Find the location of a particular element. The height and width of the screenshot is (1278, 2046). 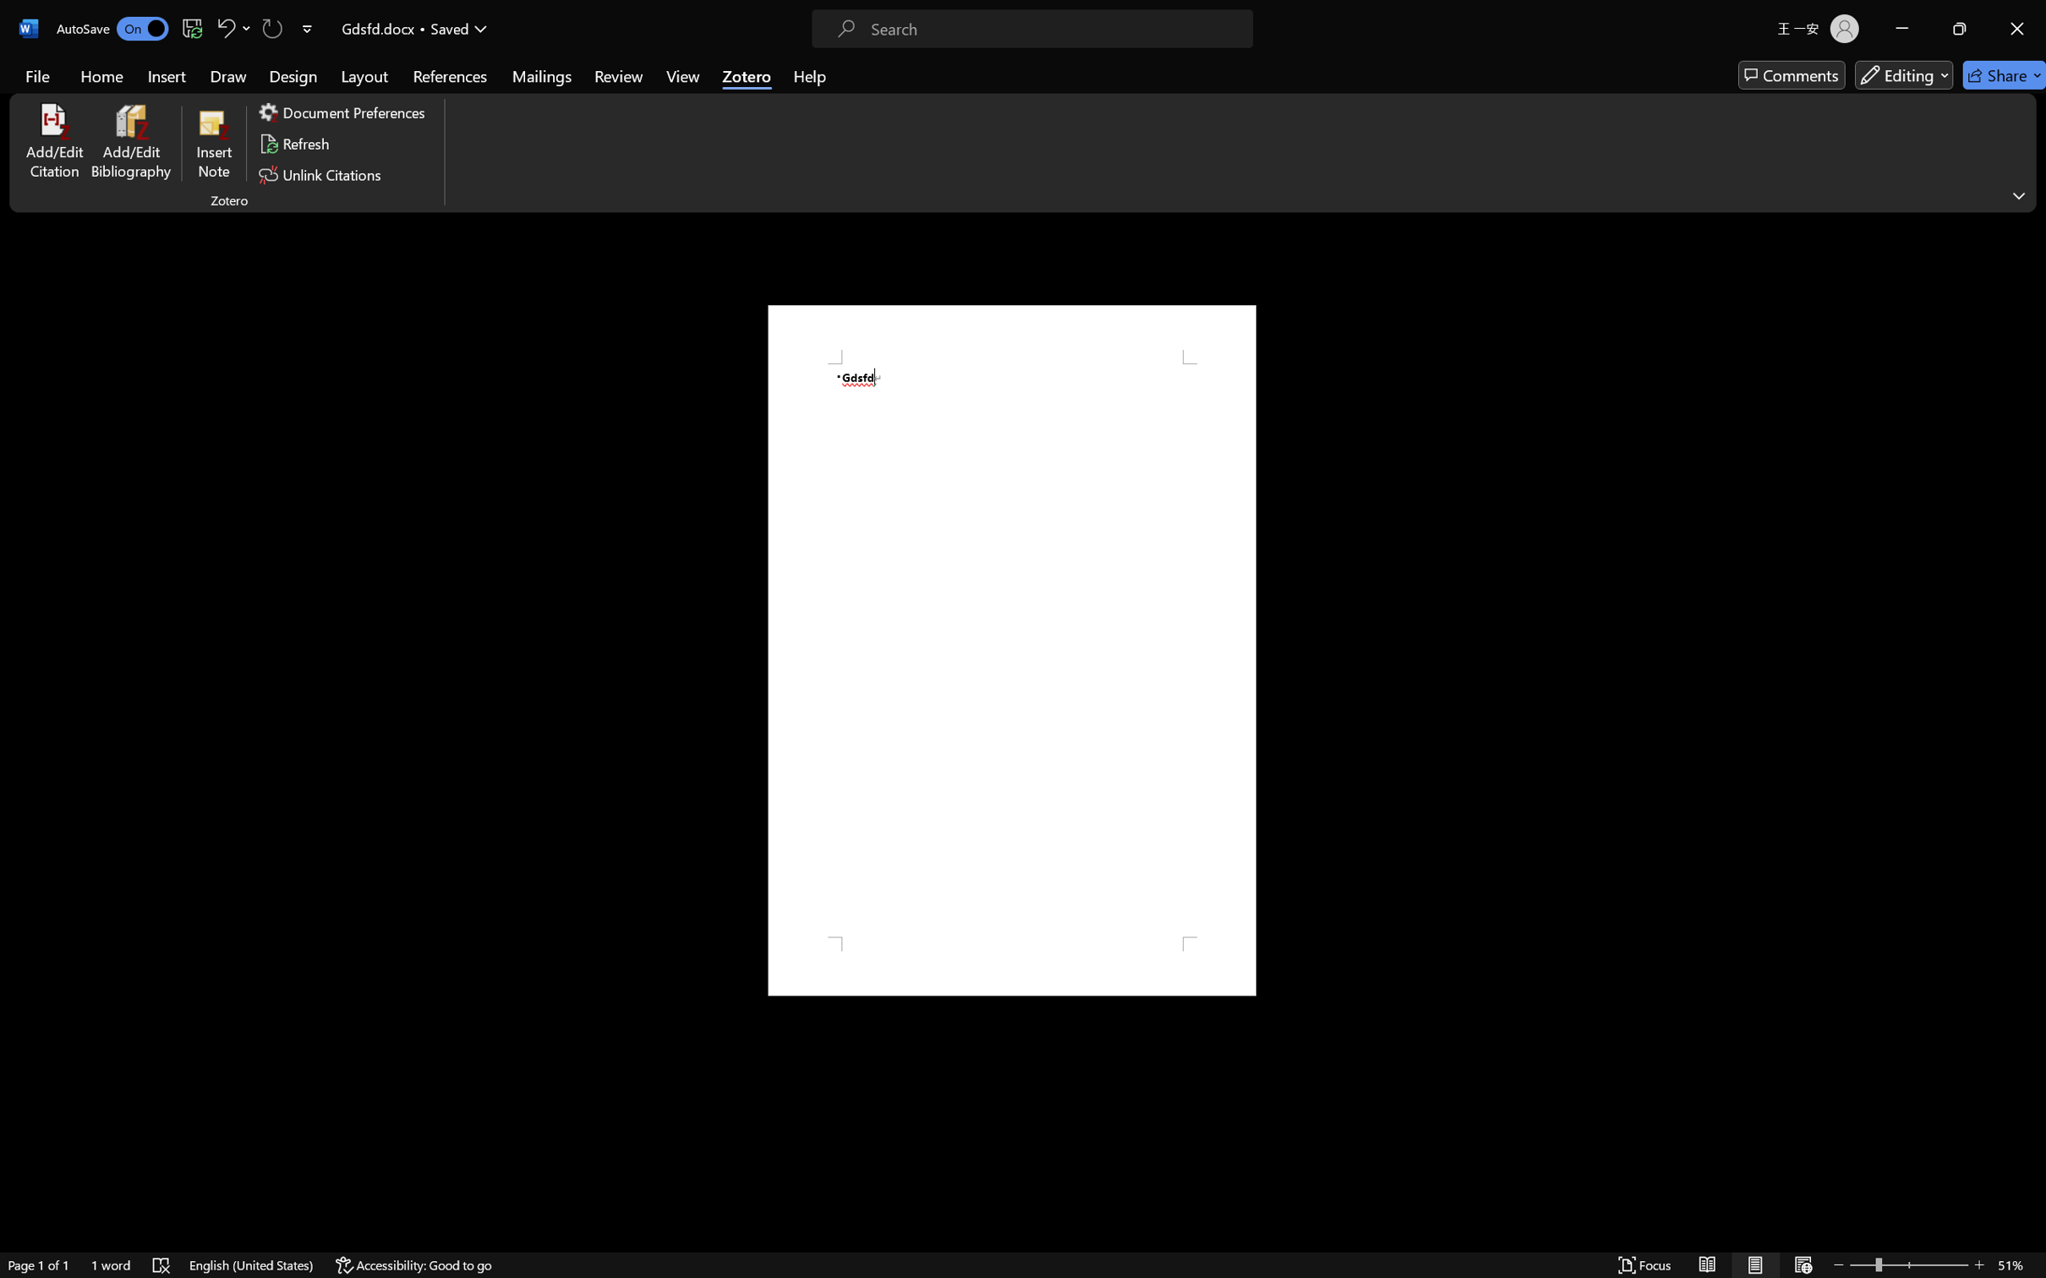

'Page 1 content' is located at coordinates (1011, 650).